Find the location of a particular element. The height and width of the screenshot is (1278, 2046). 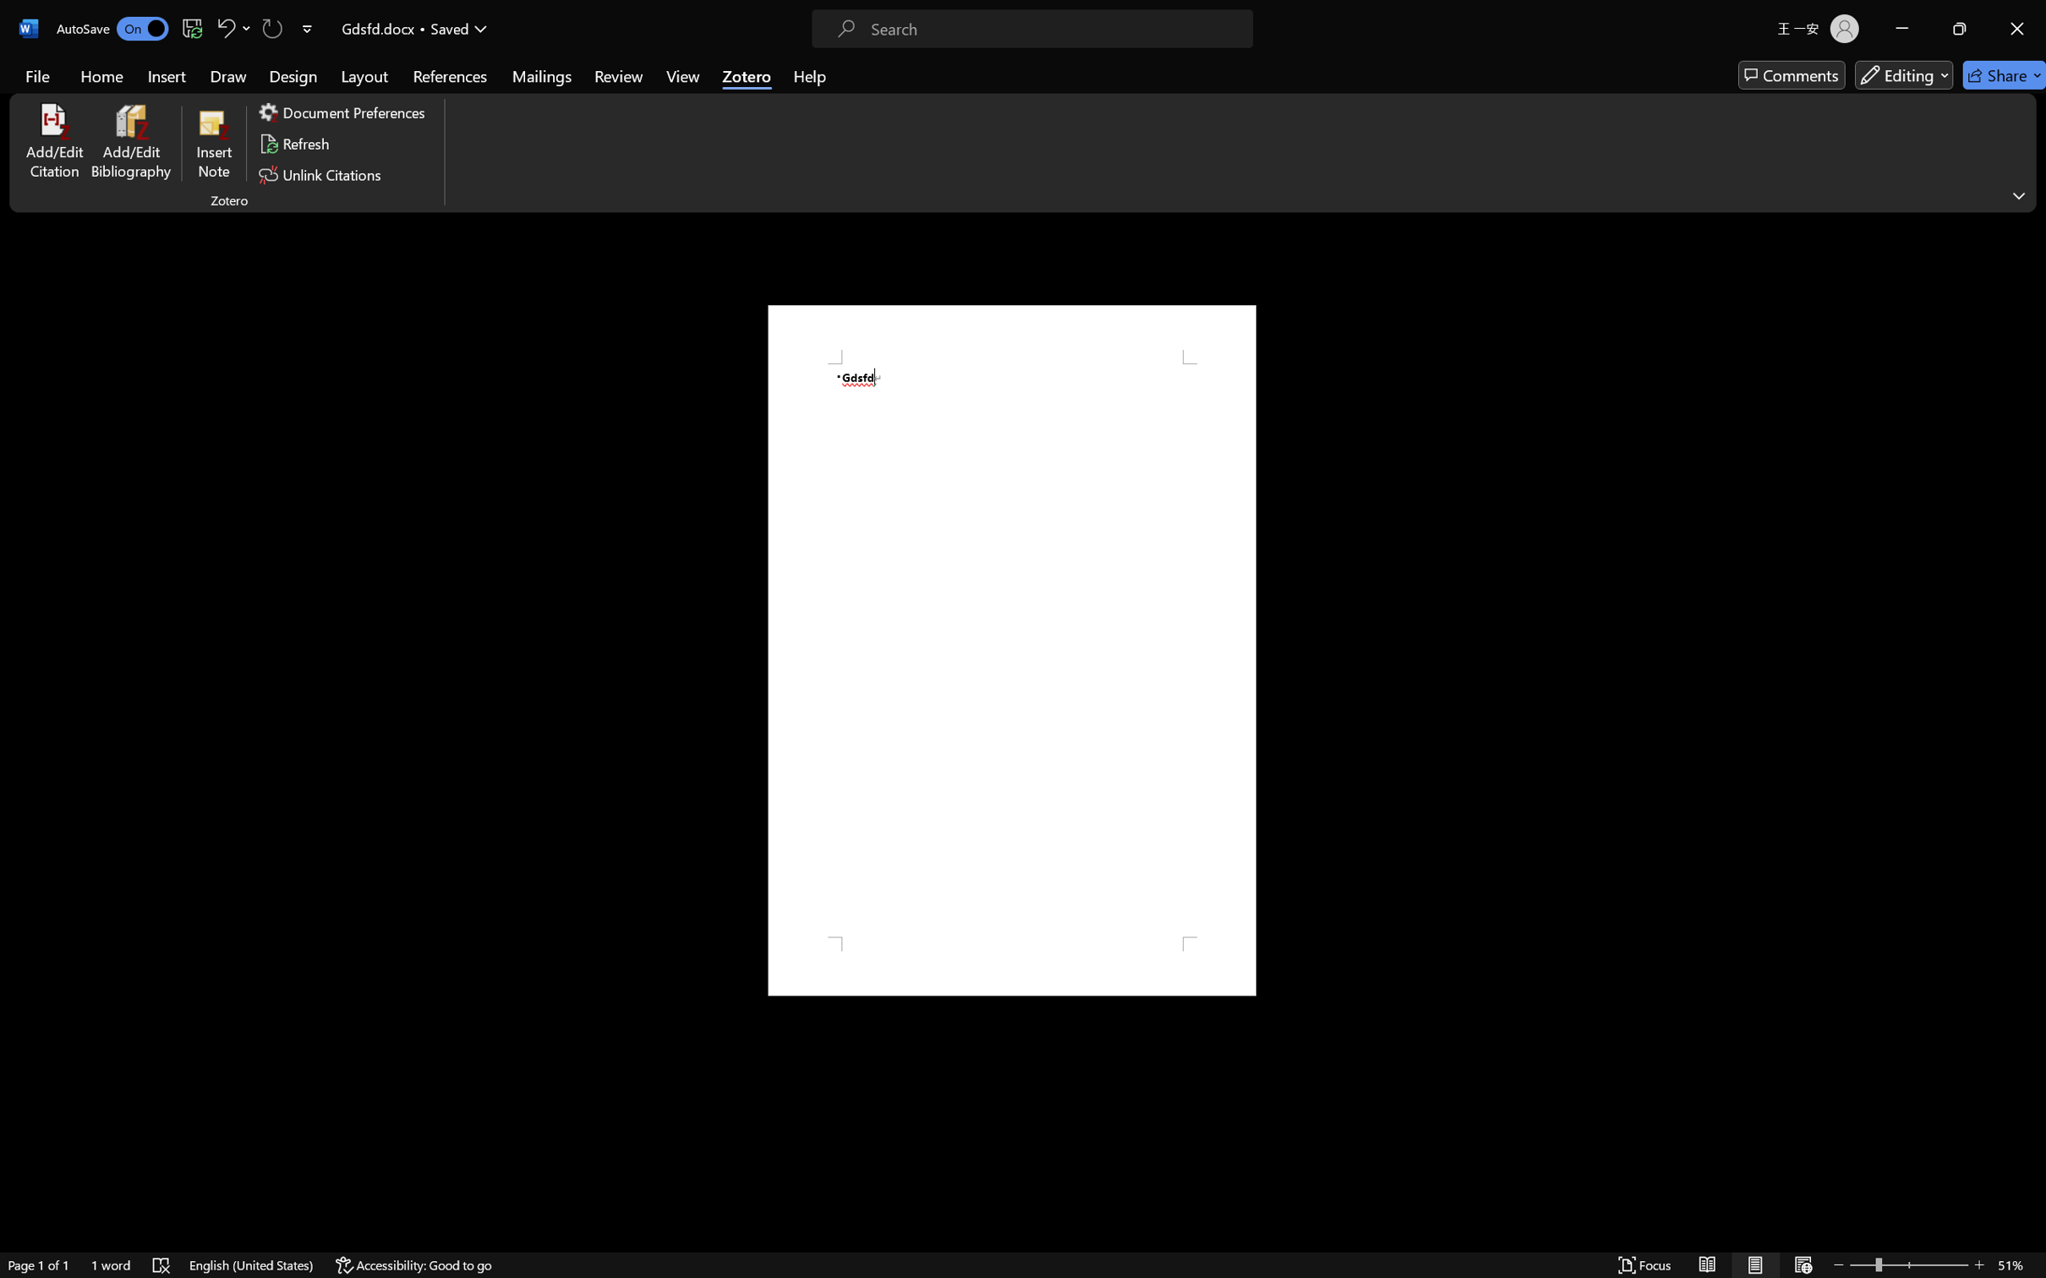

'Page 1 content' is located at coordinates (1011, 650).